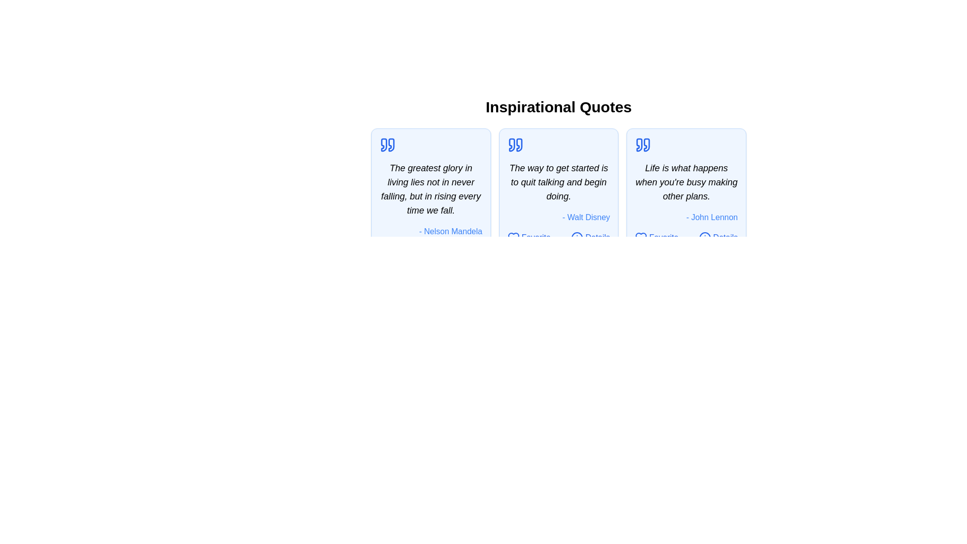 Image resolution: width=967 pixels, height=544 pixels. Describe the element at coordinates (686, 182) in the screenshot. I see `the text element displaying a quote, which is positioned beneath an icon of quotation marks and above the attribution '- John Lennon' in the rightmost card of the grid layout` at that location.